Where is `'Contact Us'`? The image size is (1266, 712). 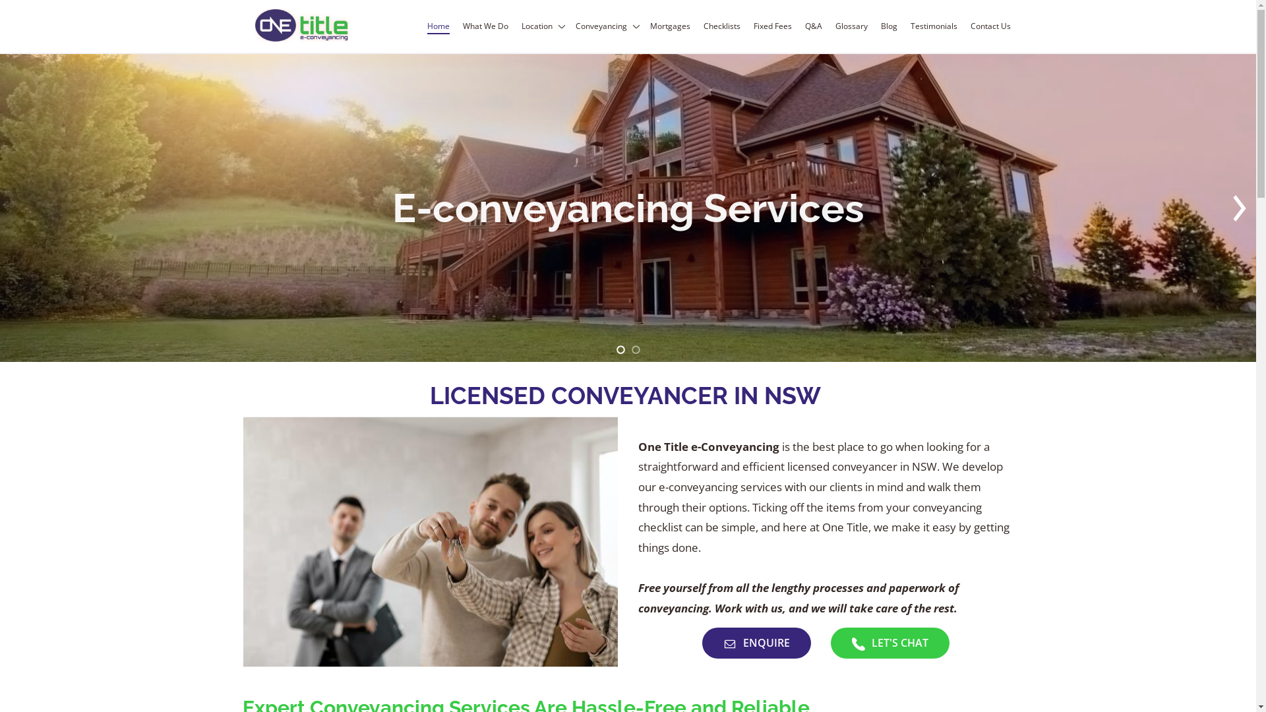
'Contact Us' is located at coordinates (990, 26).